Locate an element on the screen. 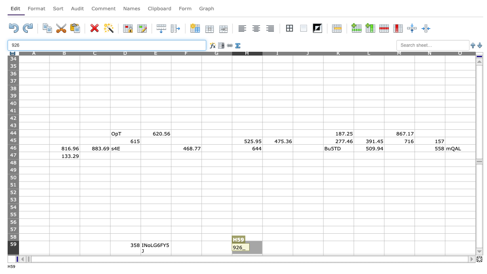  Bottom right corner of cell L-59 is located at coordinates (384, 254).